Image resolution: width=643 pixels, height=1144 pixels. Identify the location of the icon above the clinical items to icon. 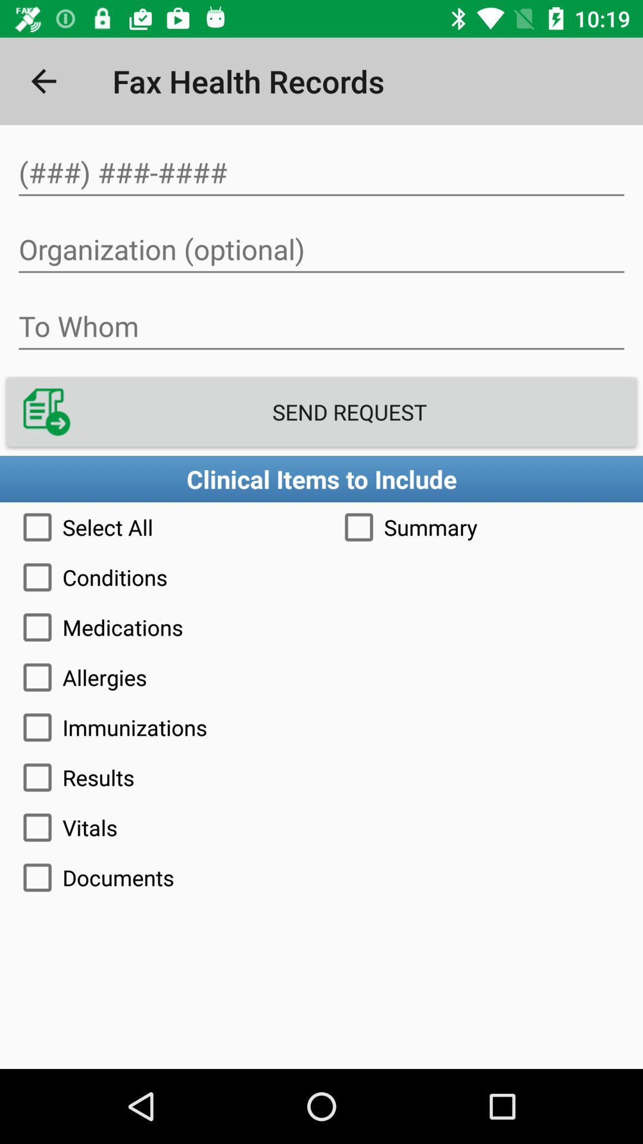
(321, 412).